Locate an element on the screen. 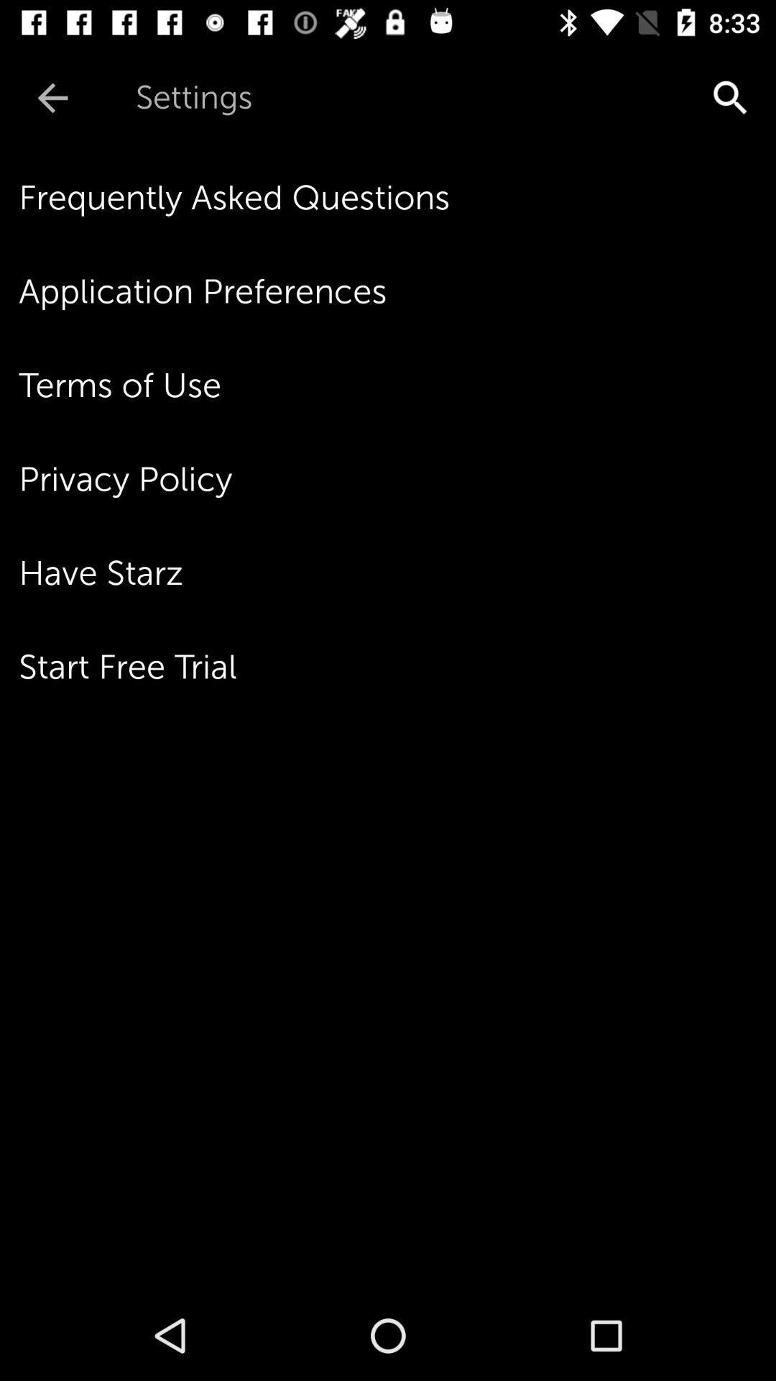  the icon below the application preferences item is located at coordinates (397, 386).